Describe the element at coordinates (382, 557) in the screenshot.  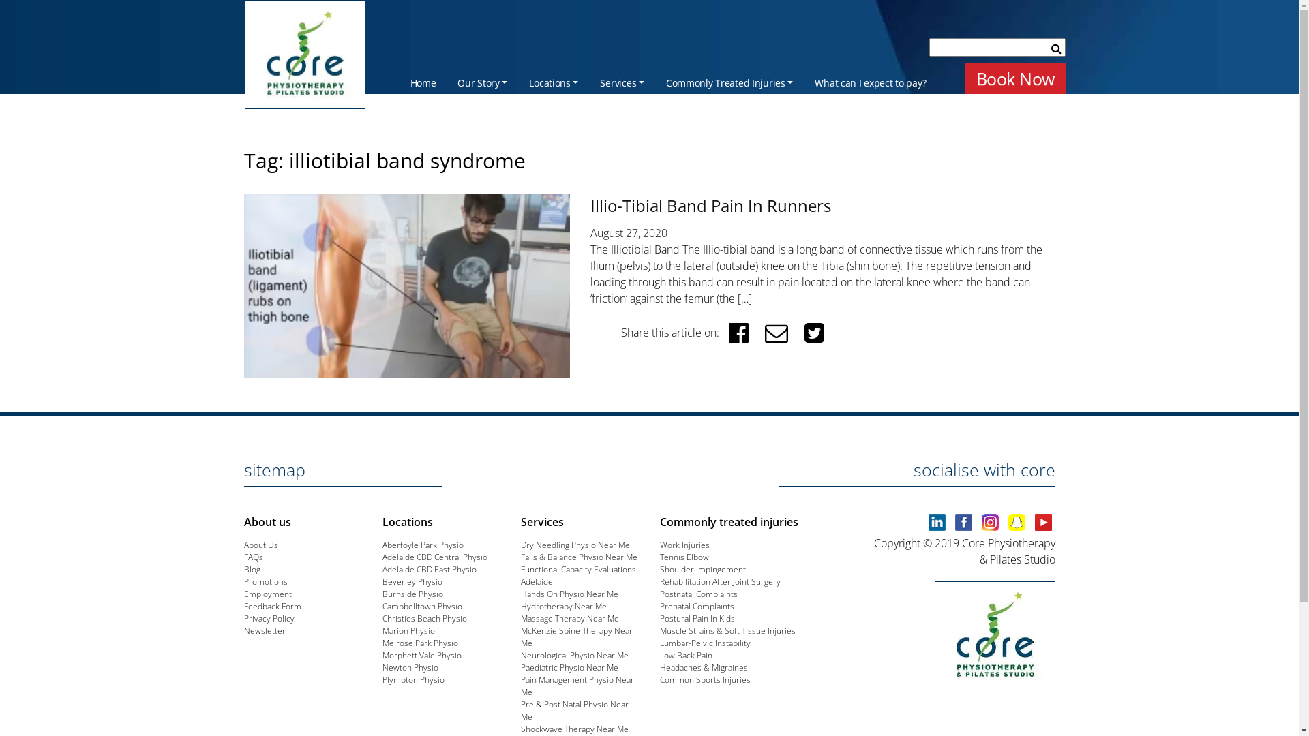
I see `'Adelaide CBD Central Physio'` at that location.